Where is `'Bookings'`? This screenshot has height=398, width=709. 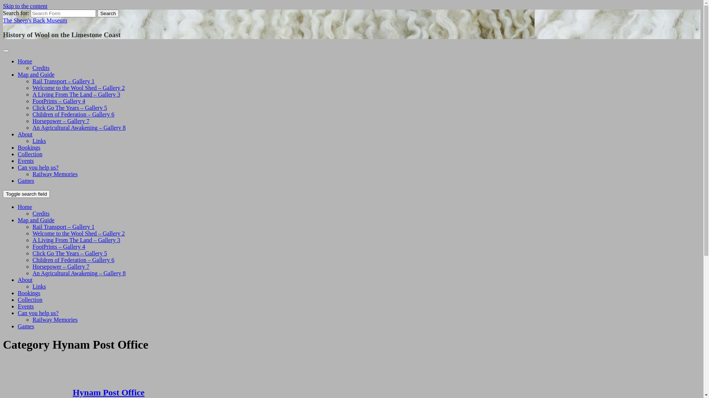
'Bookings' is located at coordinates (29, 147).